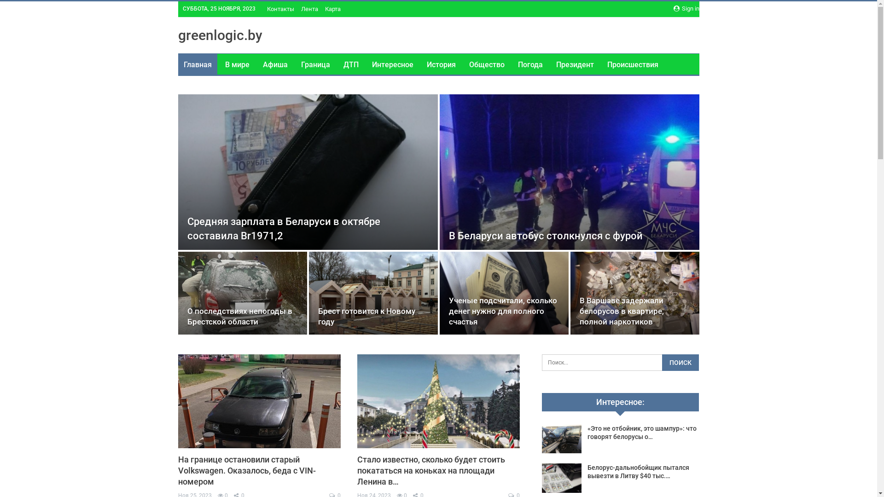 This screenshot has height=497, width=884. Describe the element at coordinates (673, 9) in the screenshot. I see `'Sign in'` at that location.